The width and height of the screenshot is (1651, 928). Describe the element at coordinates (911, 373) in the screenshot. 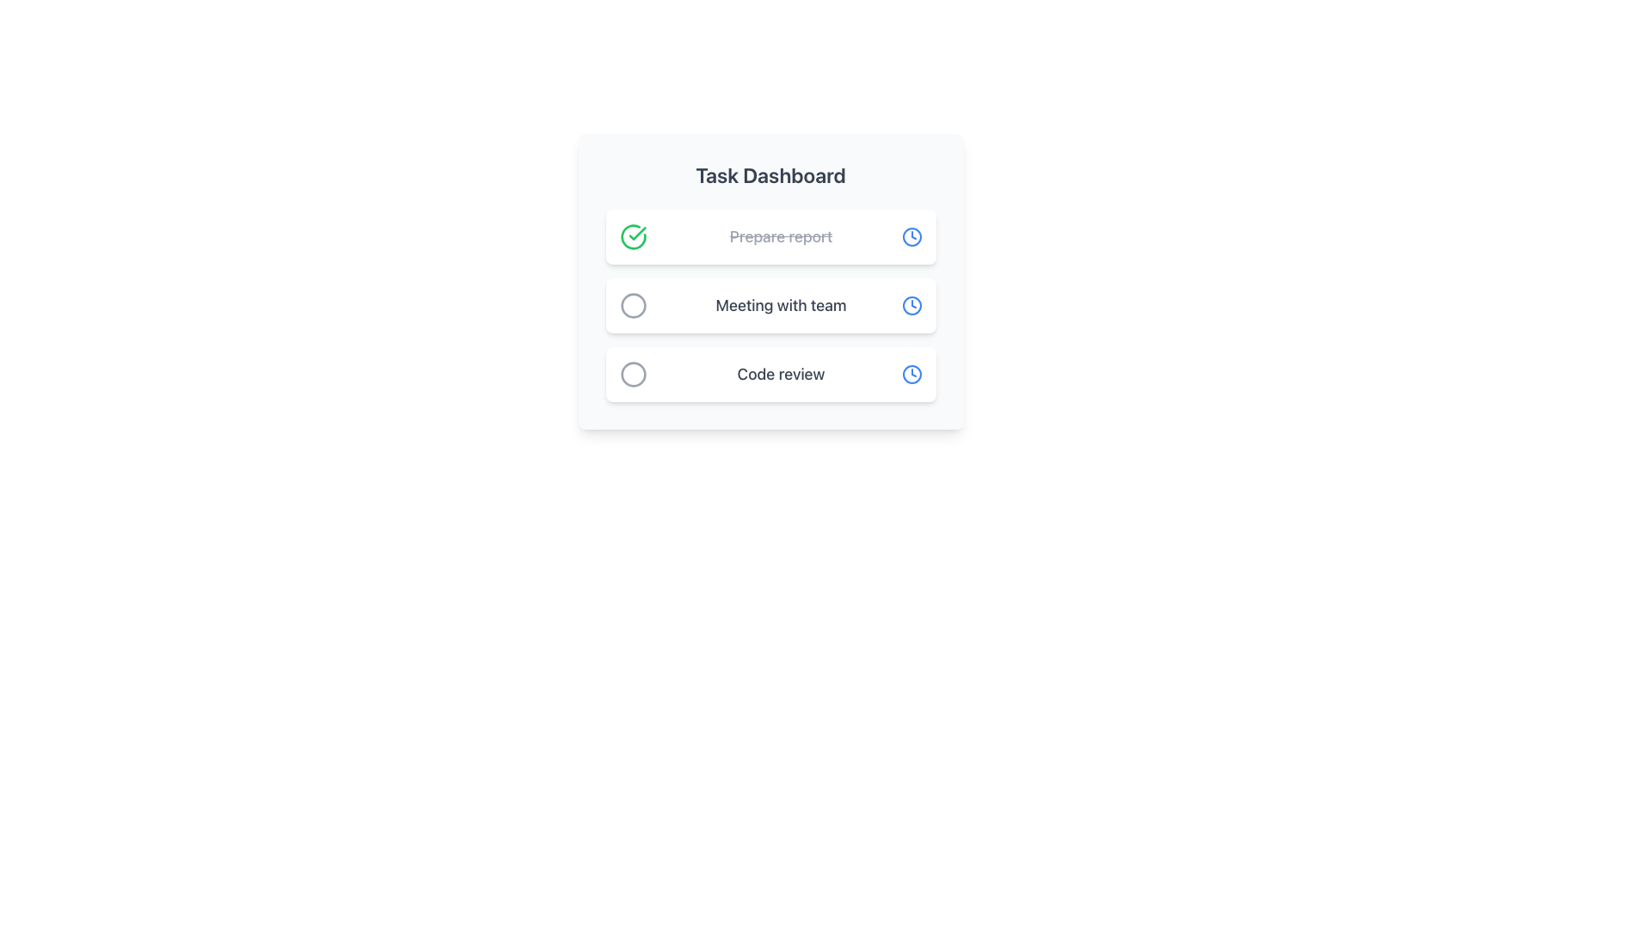

I see `the blue clock icon located at the far right of the 'Code review' task item in the 'Task Dashboard' interface` at that location.